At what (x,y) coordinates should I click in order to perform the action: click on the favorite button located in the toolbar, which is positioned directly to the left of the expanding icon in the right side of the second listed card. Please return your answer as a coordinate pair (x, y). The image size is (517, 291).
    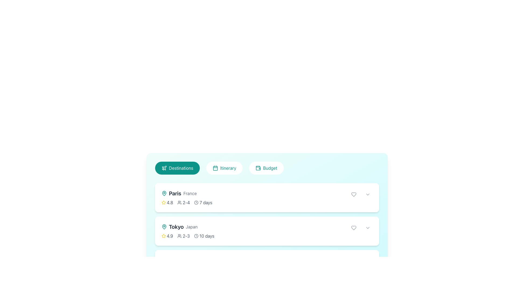
    Looking at the image, I should click on (354, 228).